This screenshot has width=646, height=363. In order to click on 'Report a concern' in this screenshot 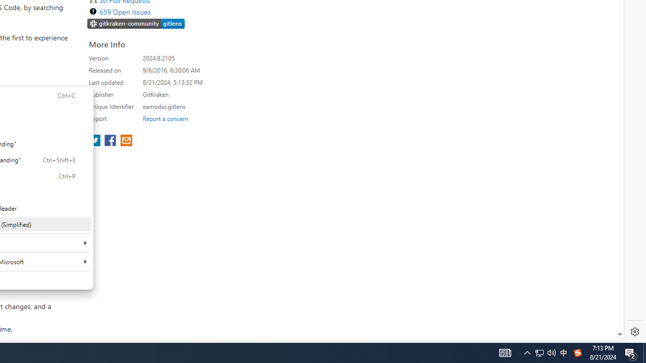, I will do `click(165, 118)`.